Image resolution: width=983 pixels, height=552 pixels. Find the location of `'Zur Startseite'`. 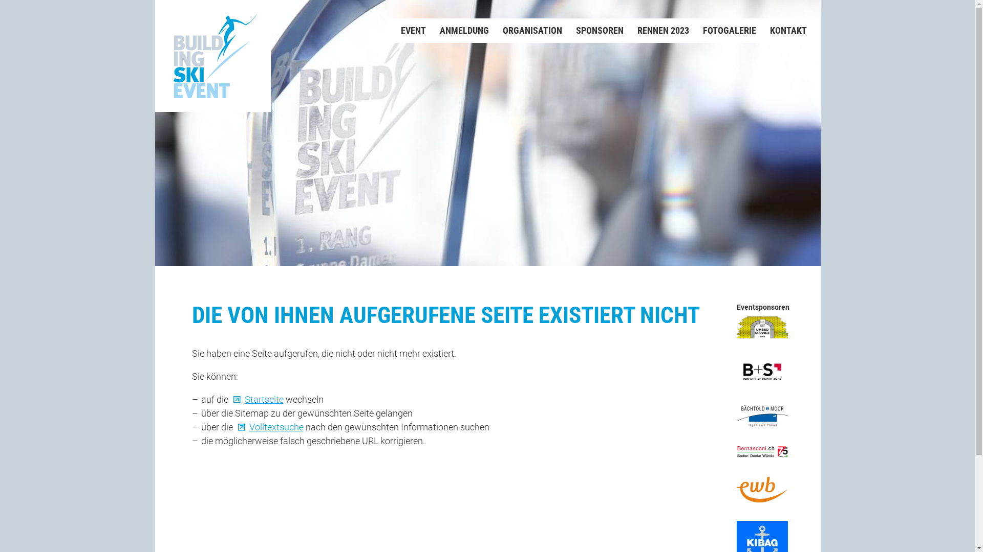

'Zur Startseite' is located at coordinates (212, 56).